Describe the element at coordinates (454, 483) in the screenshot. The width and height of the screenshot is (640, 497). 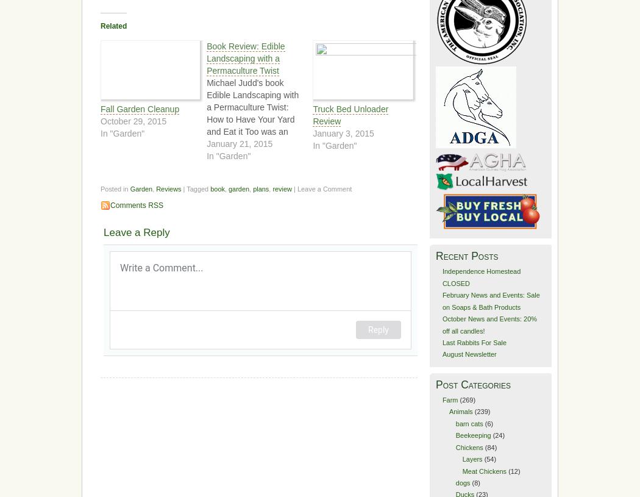
I see `'dogs'` at that location.